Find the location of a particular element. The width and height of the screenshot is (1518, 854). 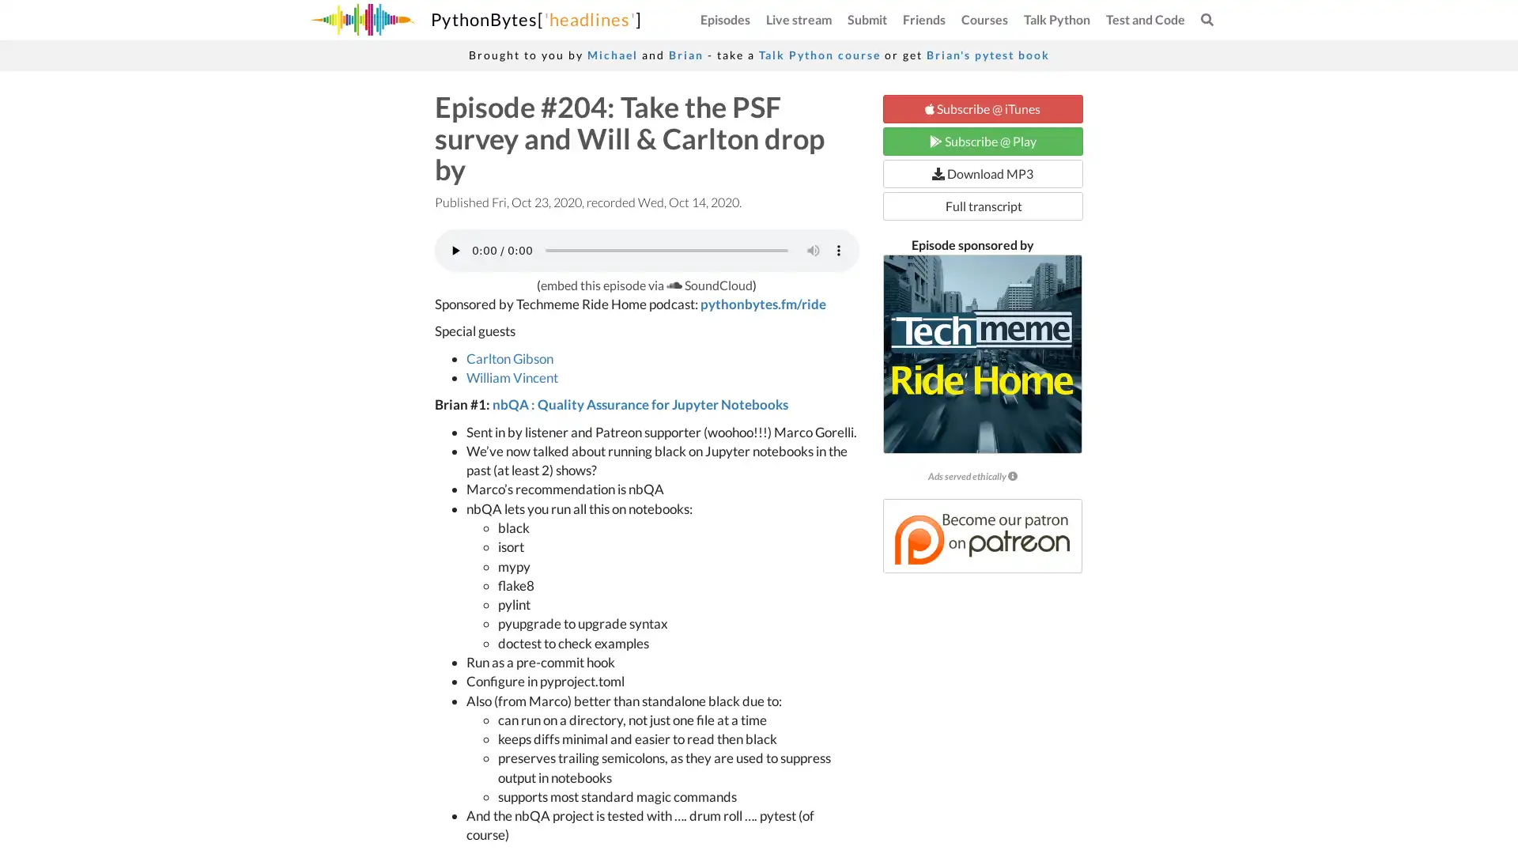

mute is located at coordinates (812, 249).